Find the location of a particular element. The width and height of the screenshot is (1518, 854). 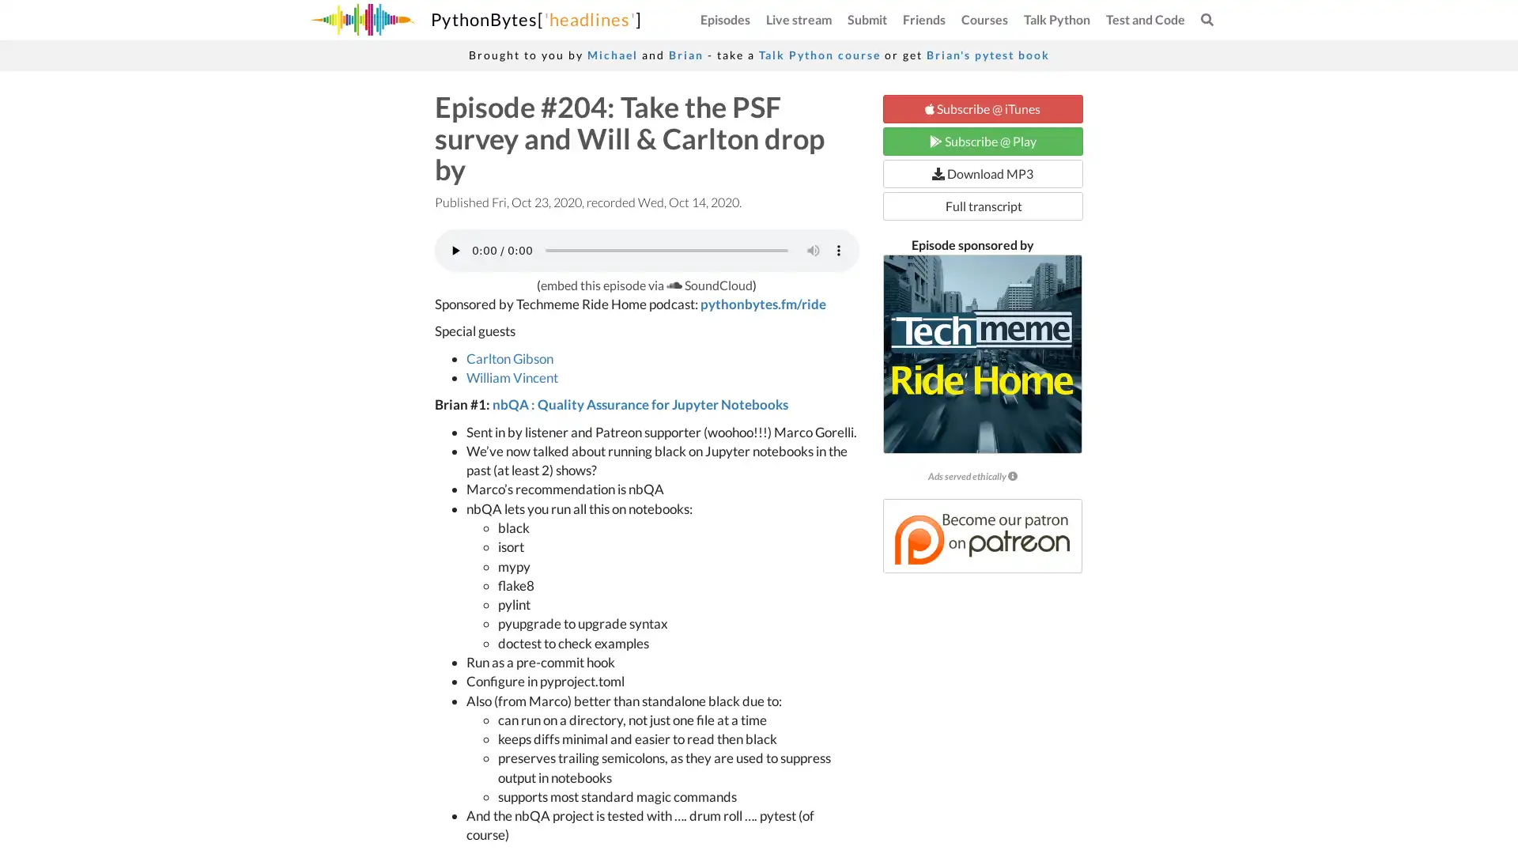

mute is located at coordinates (812, 249).